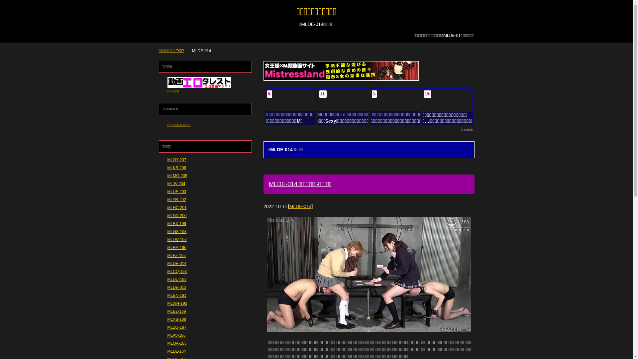 The width and height of the screenshot is (638, 359). I want to click on 'MLYR-202', so click(177, 199).